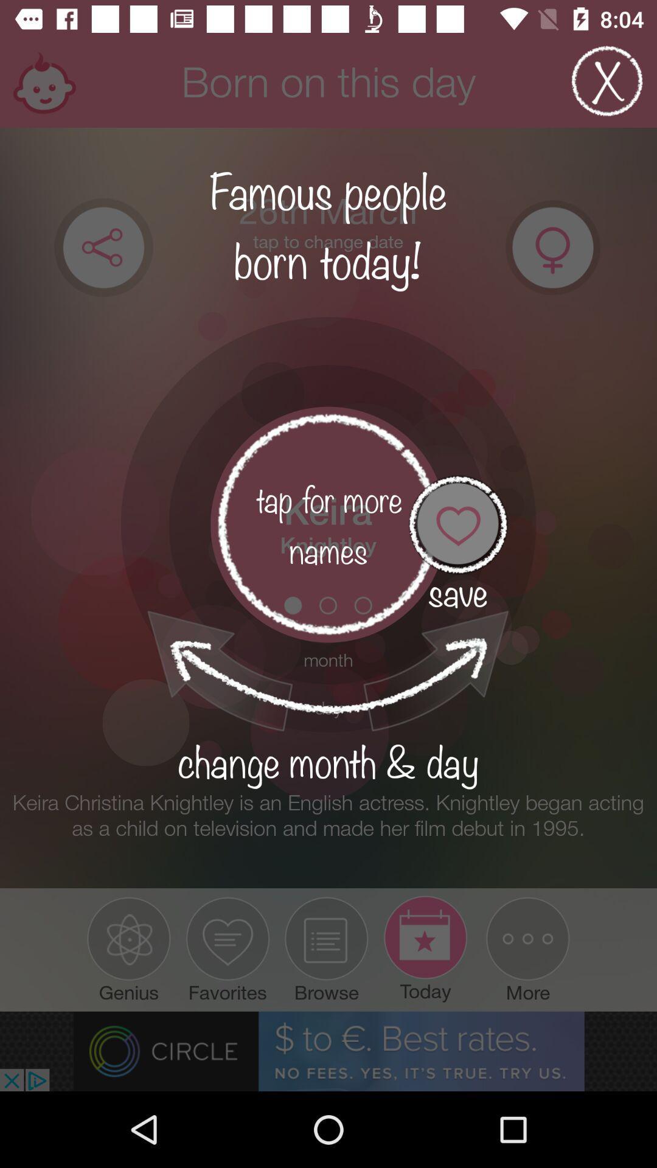 This screenshot has width=657, height=1168. Describe the element at coordinates (607, 80) in the screenshot. I see `exit` at that location.